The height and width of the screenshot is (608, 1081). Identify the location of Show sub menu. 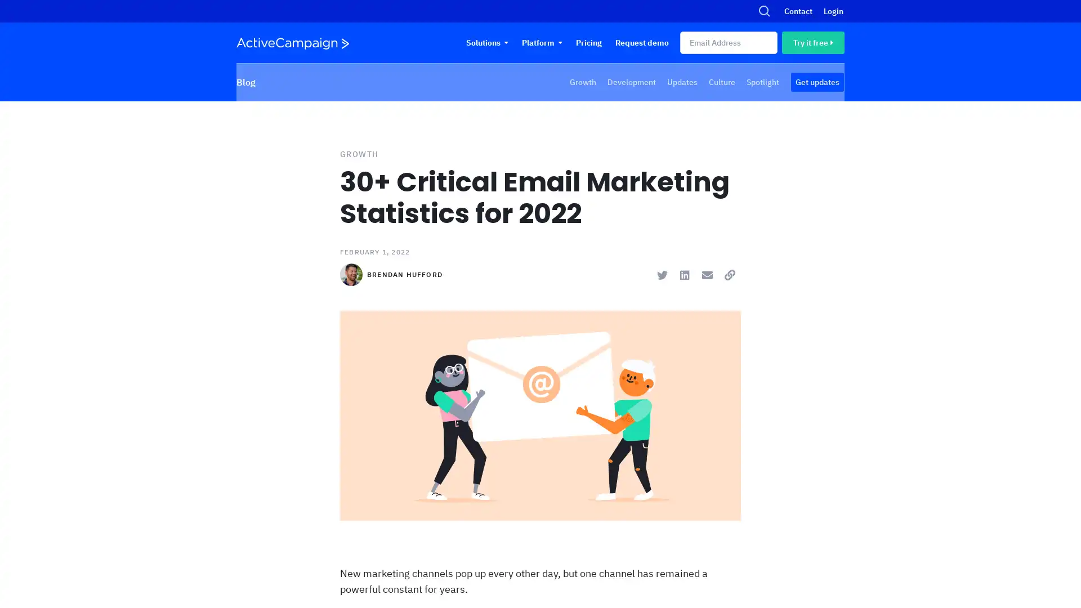
(505, 42).